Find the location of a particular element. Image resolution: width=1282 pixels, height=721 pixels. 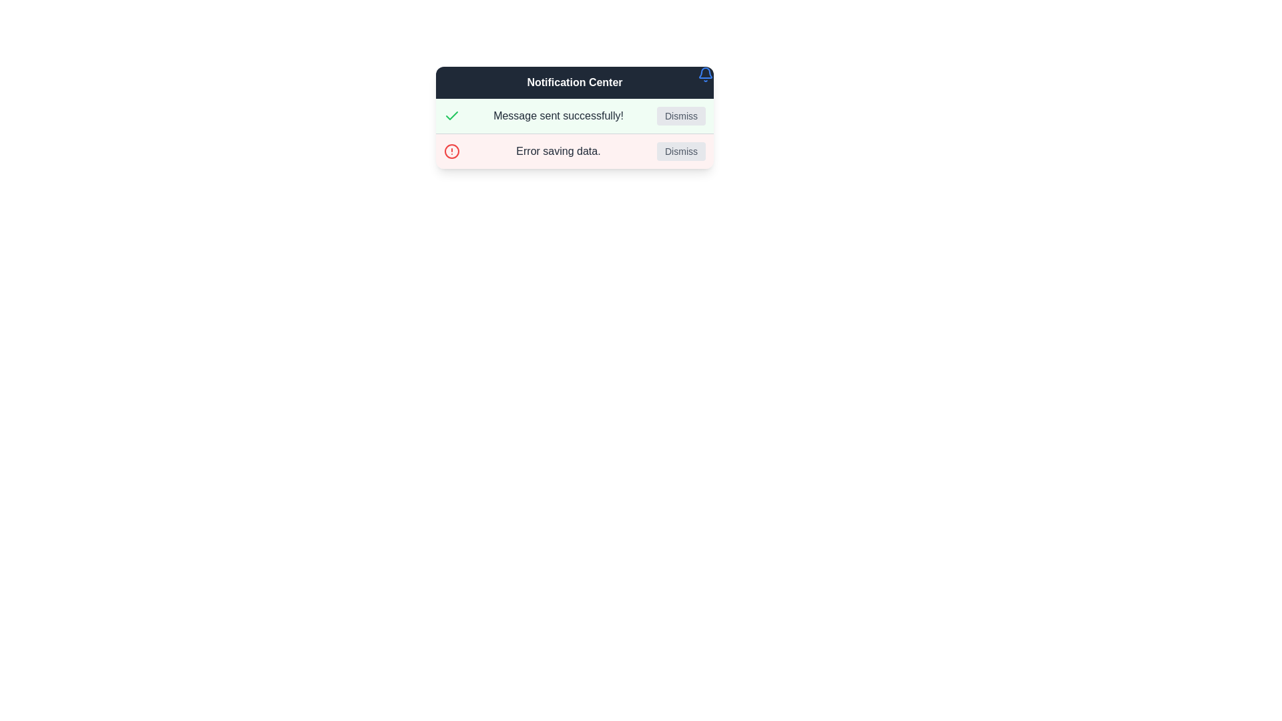

notification message displayed in the Notification Banner at the top of the Notification Center, which informs the user that a message was successfully sent is located at coordinates (574, 115).